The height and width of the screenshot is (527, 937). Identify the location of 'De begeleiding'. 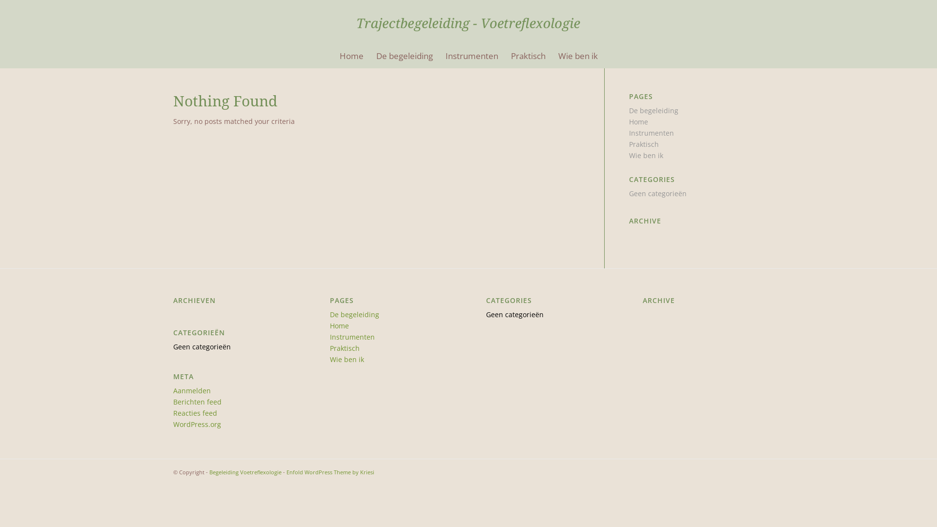
(405, 56).